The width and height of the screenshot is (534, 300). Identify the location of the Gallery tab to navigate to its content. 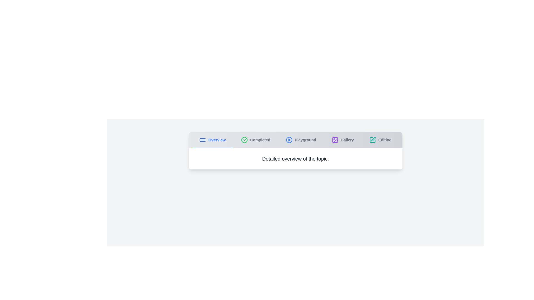
(342, 140).